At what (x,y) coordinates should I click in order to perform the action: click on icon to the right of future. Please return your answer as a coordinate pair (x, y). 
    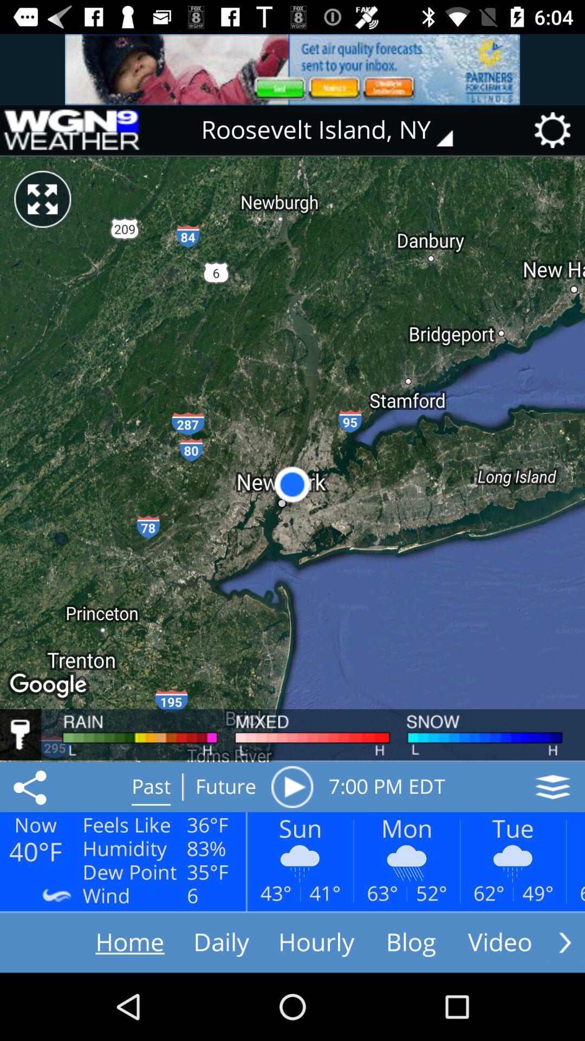
    Looking at the image, I should click on (291, 787).